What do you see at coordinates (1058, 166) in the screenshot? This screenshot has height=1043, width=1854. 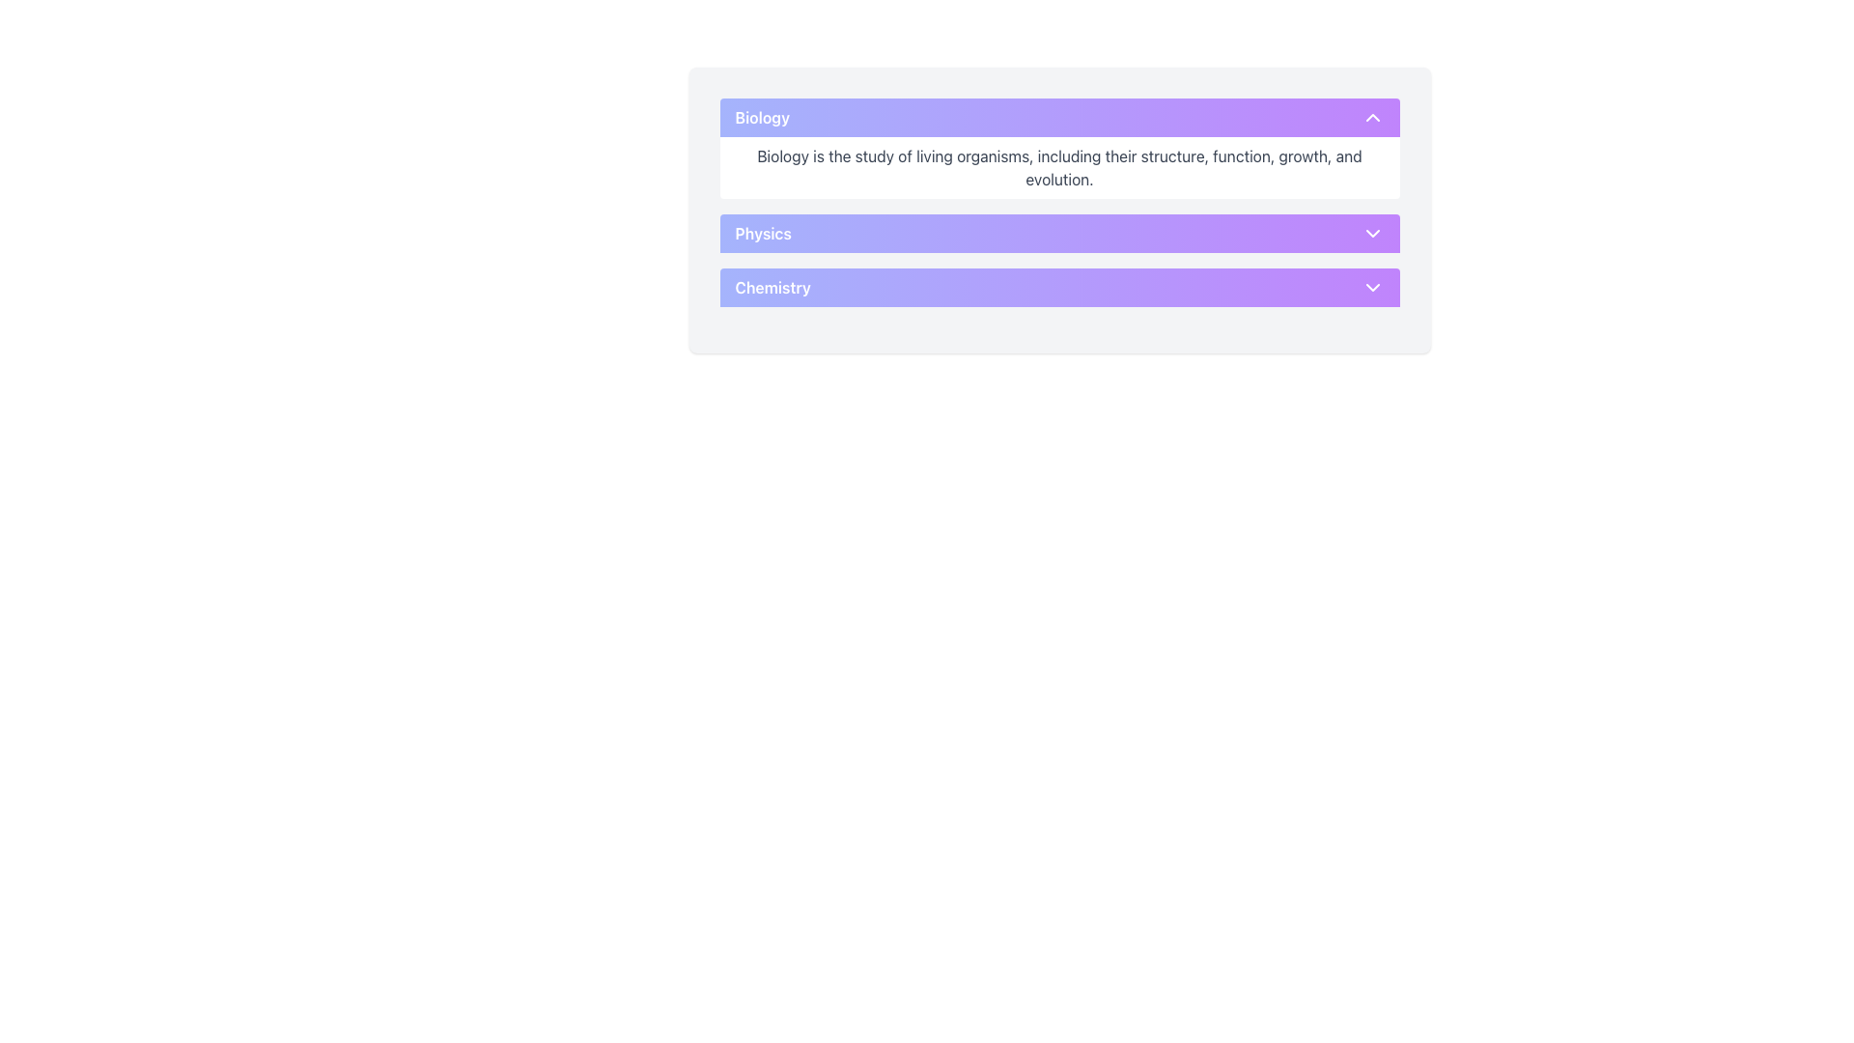 I see `the text block containing the description 'Biology is the study of living organisms, including their structure, function, growth, and evolution.' which is styled with a white background and gray text, located below the 'Biology' header` at bounding box center [1058, 166].